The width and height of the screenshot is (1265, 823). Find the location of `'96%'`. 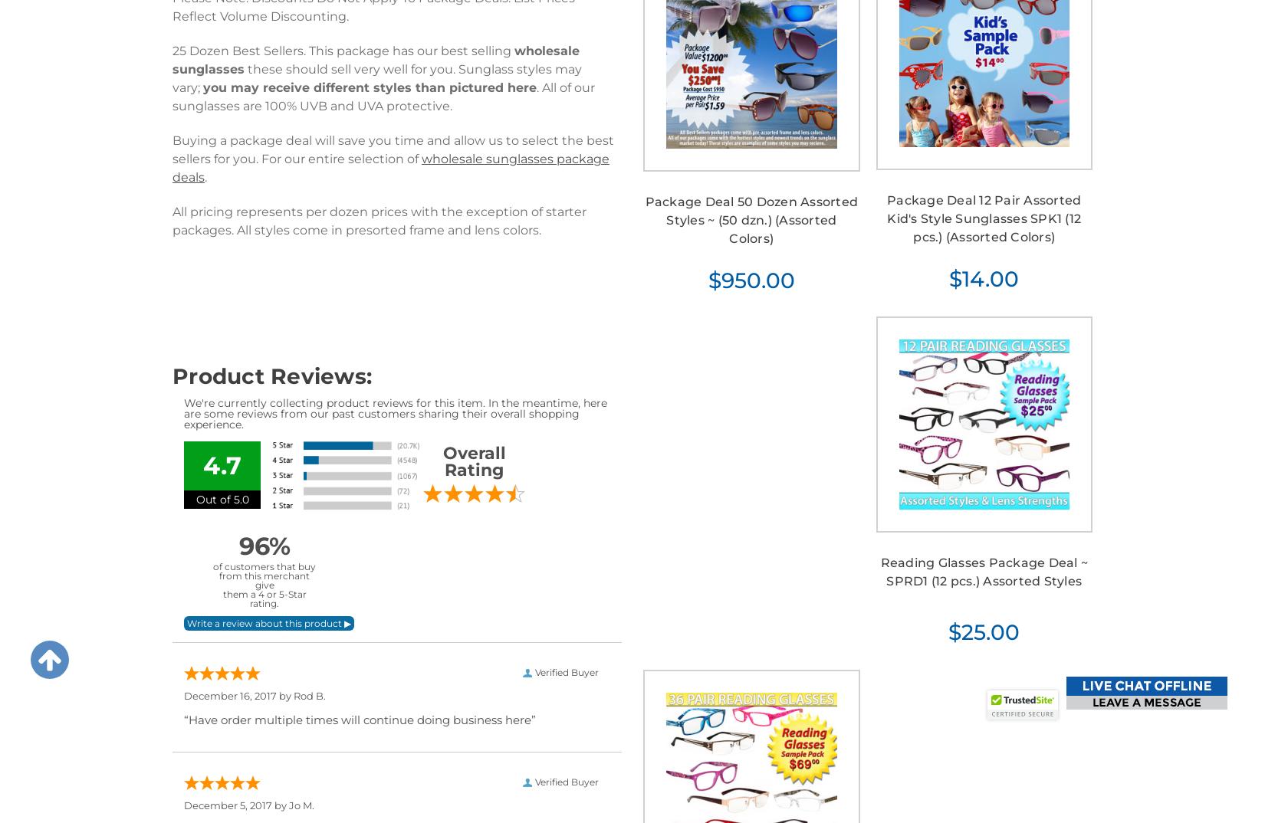

'96%' is located at coordinates (238, 546).